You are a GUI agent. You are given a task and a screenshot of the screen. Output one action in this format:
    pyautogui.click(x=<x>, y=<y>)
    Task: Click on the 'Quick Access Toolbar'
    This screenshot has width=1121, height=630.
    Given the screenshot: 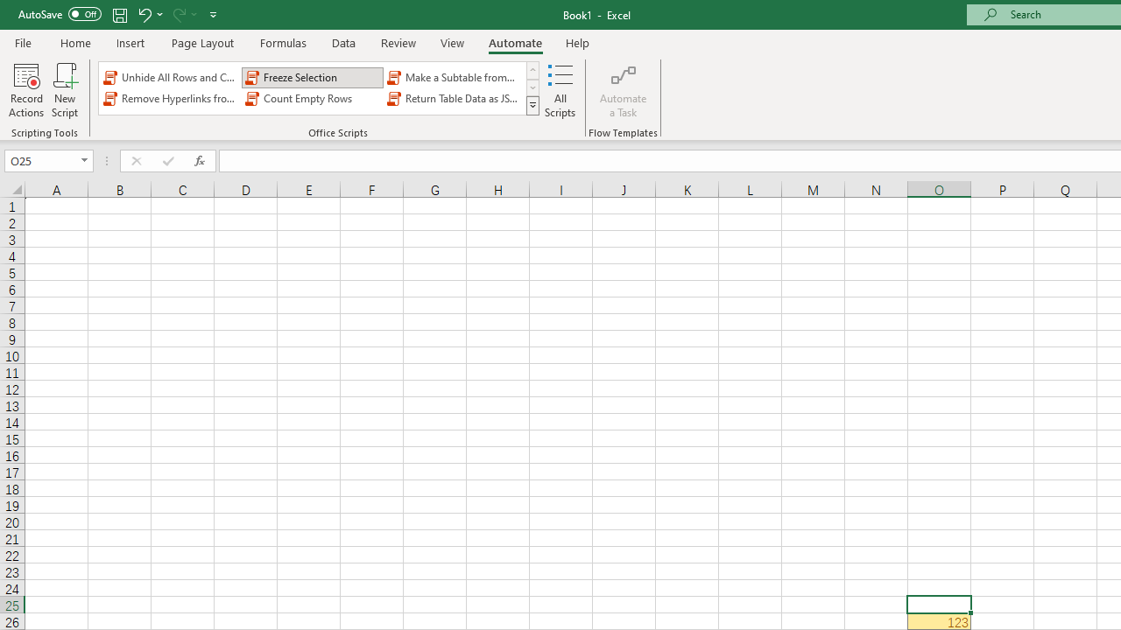 What is the action you would take?
    pyautogui.click(x=118, y=14)
    